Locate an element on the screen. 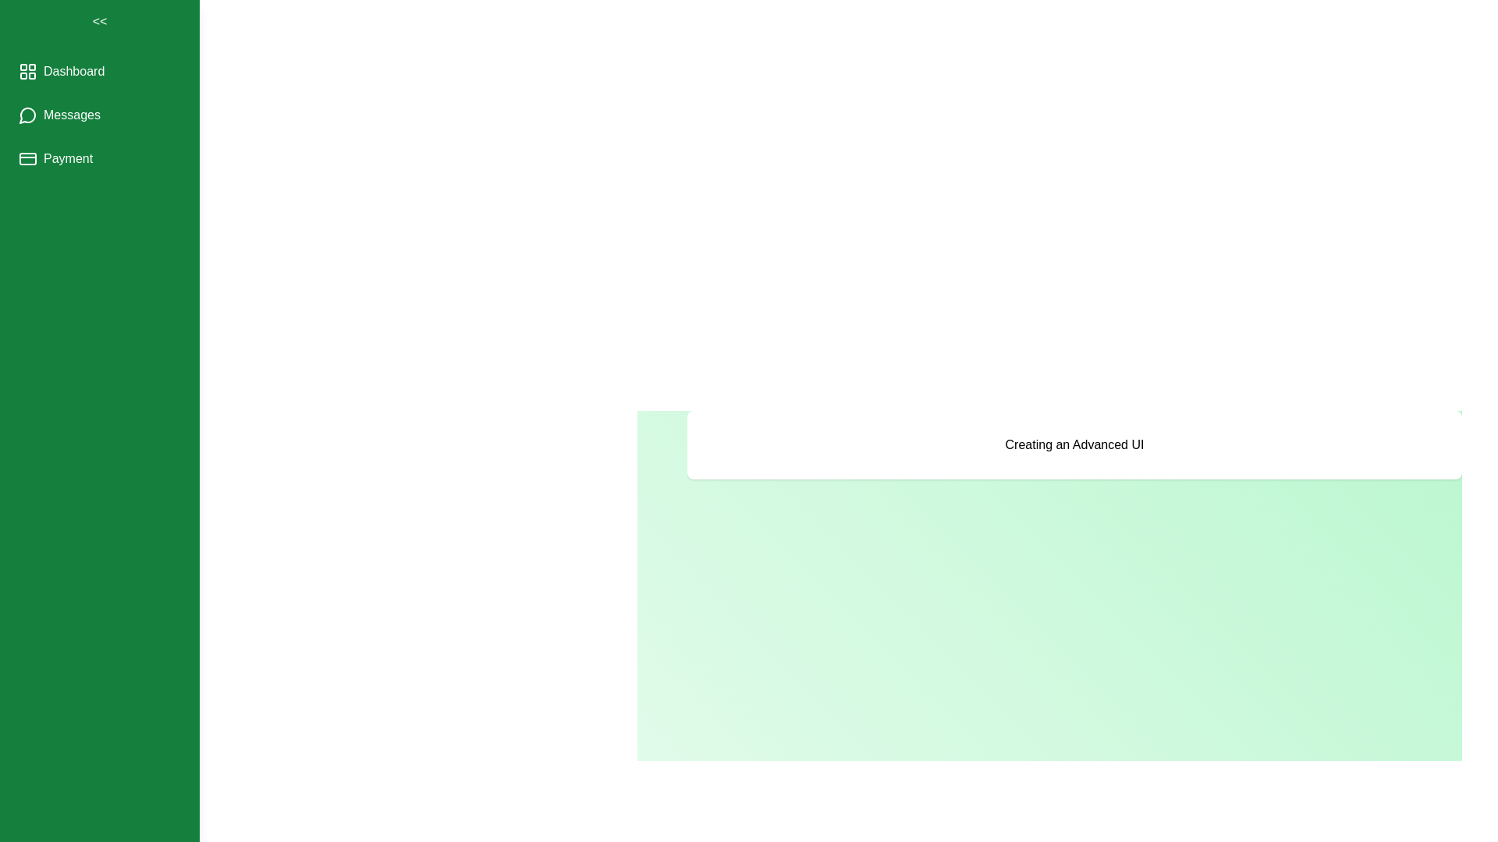 The width and height of the screenshot is (1498, 842). the text label or heading that contains 'Creating an Advanced UI', which is bold and centered in a white card-like structure is located at coordinates (1074, 444).